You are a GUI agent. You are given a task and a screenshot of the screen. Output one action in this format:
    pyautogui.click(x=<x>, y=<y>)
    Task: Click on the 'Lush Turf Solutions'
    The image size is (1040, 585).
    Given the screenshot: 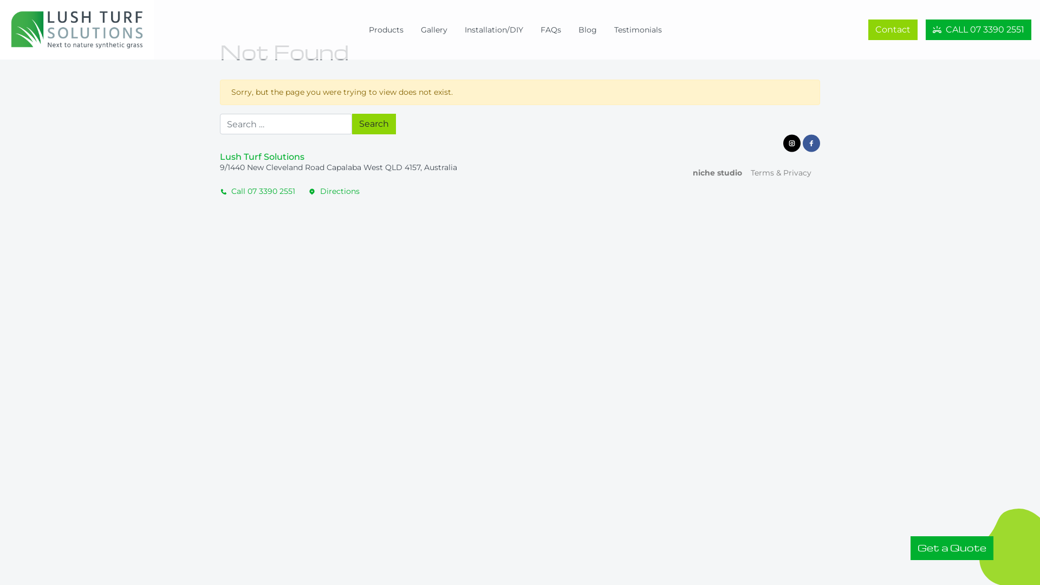 What is the action you would take?
    pyautogui.click(x=85, y=29)
    